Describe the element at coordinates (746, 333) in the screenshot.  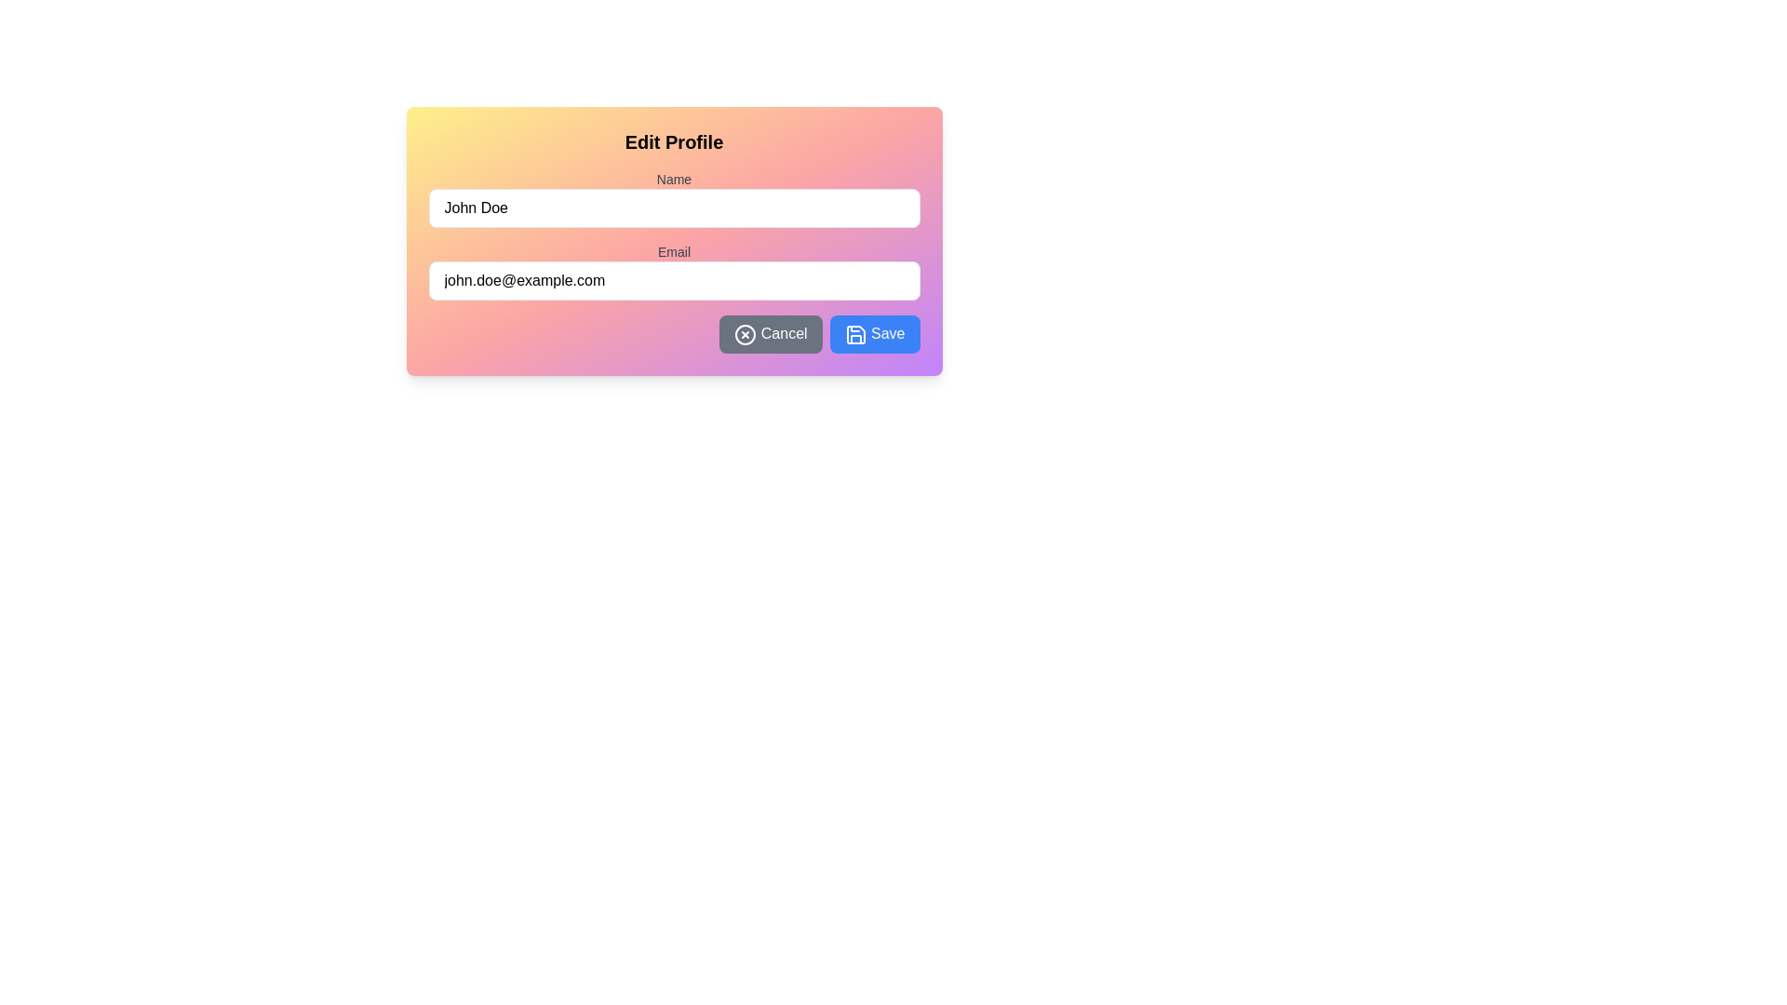
I see `the decorative icon that visually indicates the cancel operation, located centrally within the Cancel button in the Edit Profile dialog box` at that location.